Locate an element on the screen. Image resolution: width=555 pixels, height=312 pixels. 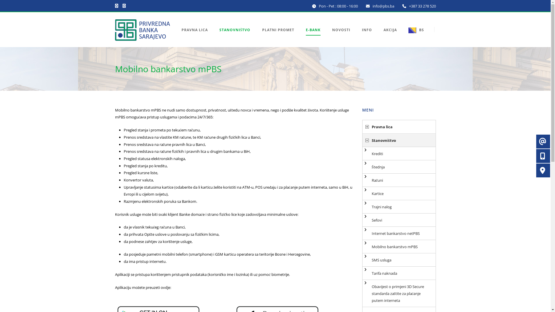
'SMS usluga' is located at coordinates (399, 259).